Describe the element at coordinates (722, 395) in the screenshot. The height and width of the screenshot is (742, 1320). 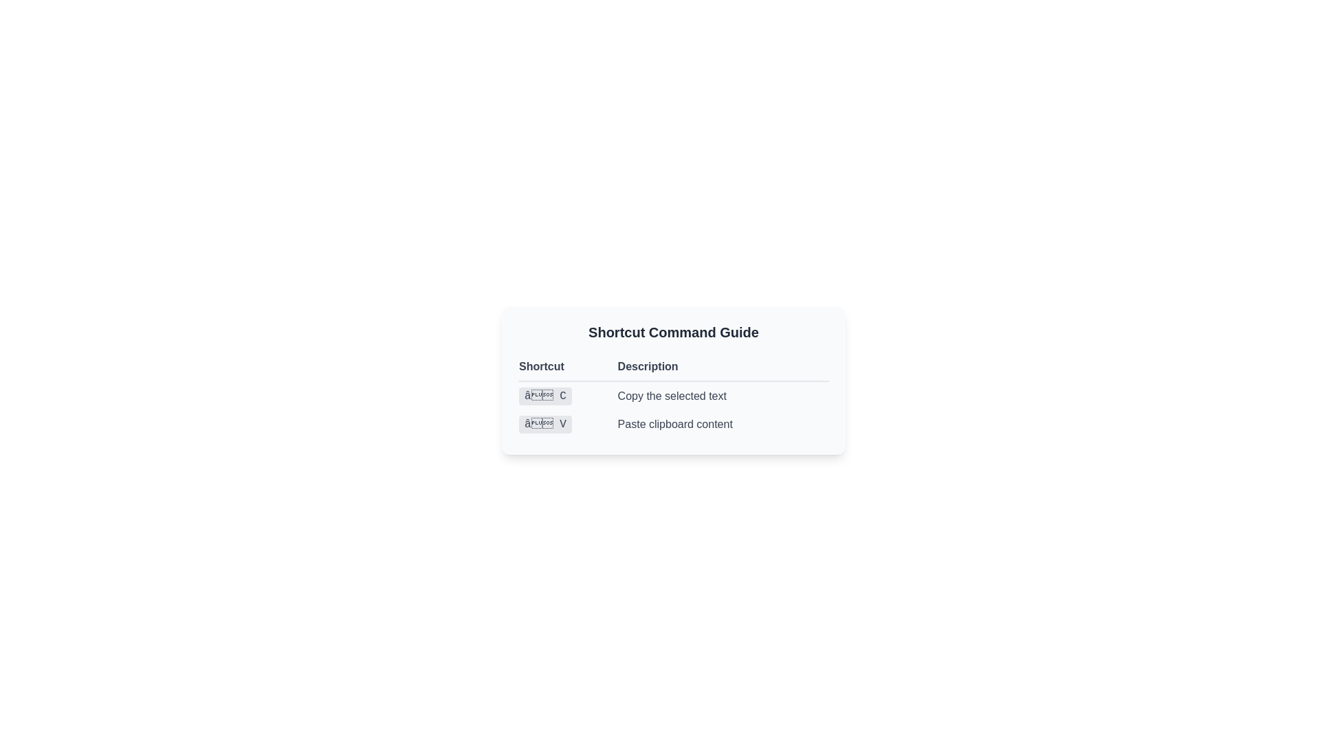
I see `the text label that contains the phrase 'Copy the selected text', located in the right-hand column of the command shortcut guide` at that location.